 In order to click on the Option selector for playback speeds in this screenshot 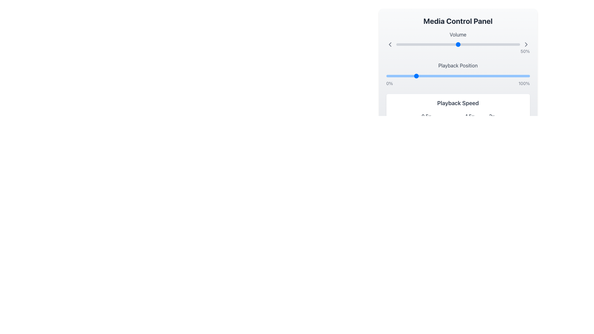, I will do `click(458, 116)`.